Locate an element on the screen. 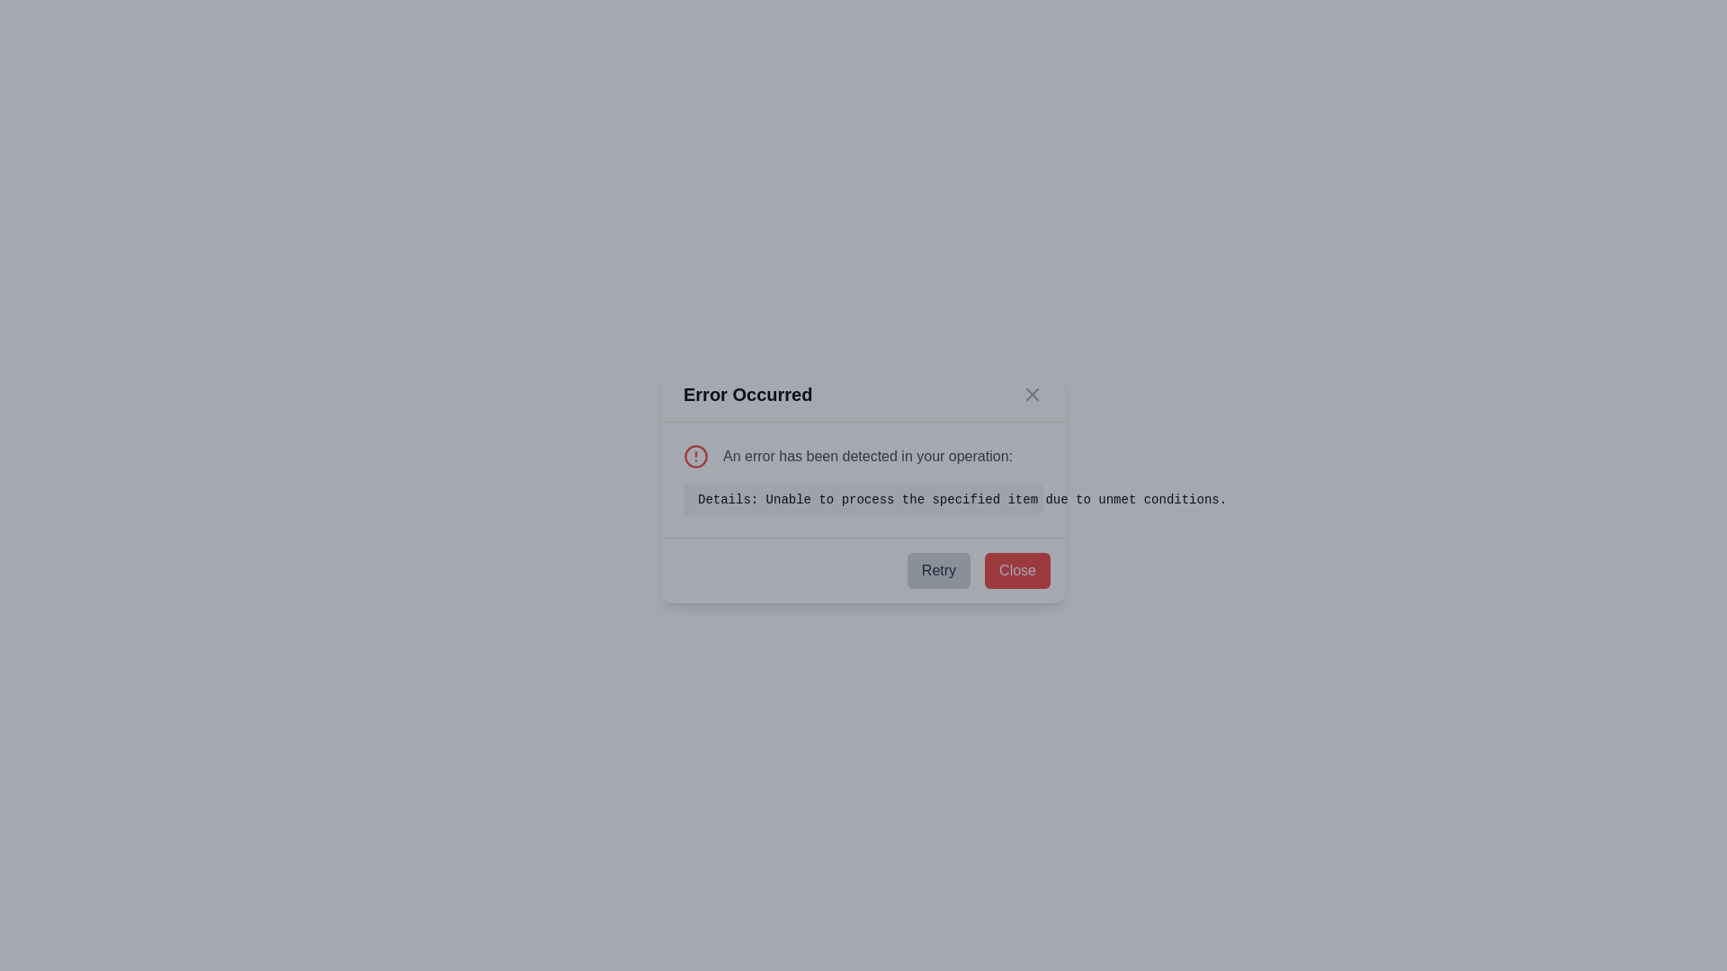 Image resolution: width=1727 pixels, height=971 pixels. the 'X' shaped close icon located in the top-right corner of the modal dialog header for accessibility navigation is located at coordinates (1032, 394).